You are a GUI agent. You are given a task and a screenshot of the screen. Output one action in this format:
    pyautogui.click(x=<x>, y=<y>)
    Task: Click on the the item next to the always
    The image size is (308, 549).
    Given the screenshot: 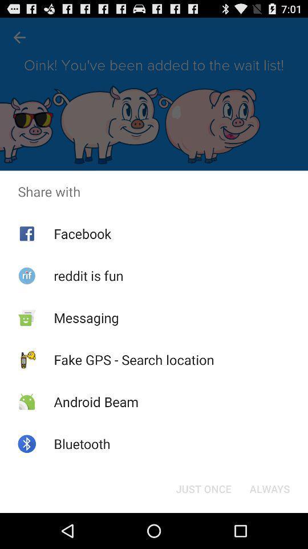 What is the action you would take?
    pyautogui.click(x=203, y=488)
    